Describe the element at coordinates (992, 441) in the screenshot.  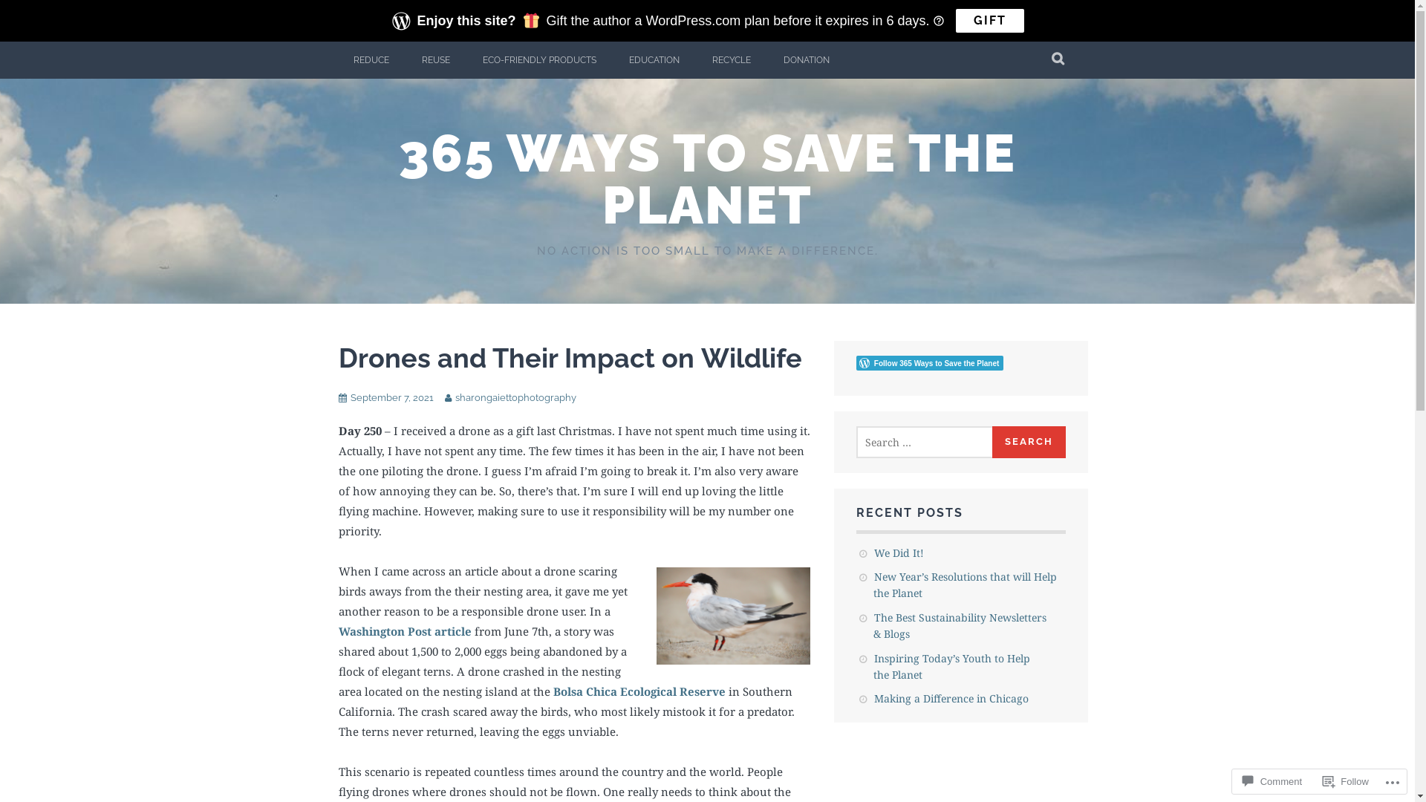
I see `'Search'` at that location.